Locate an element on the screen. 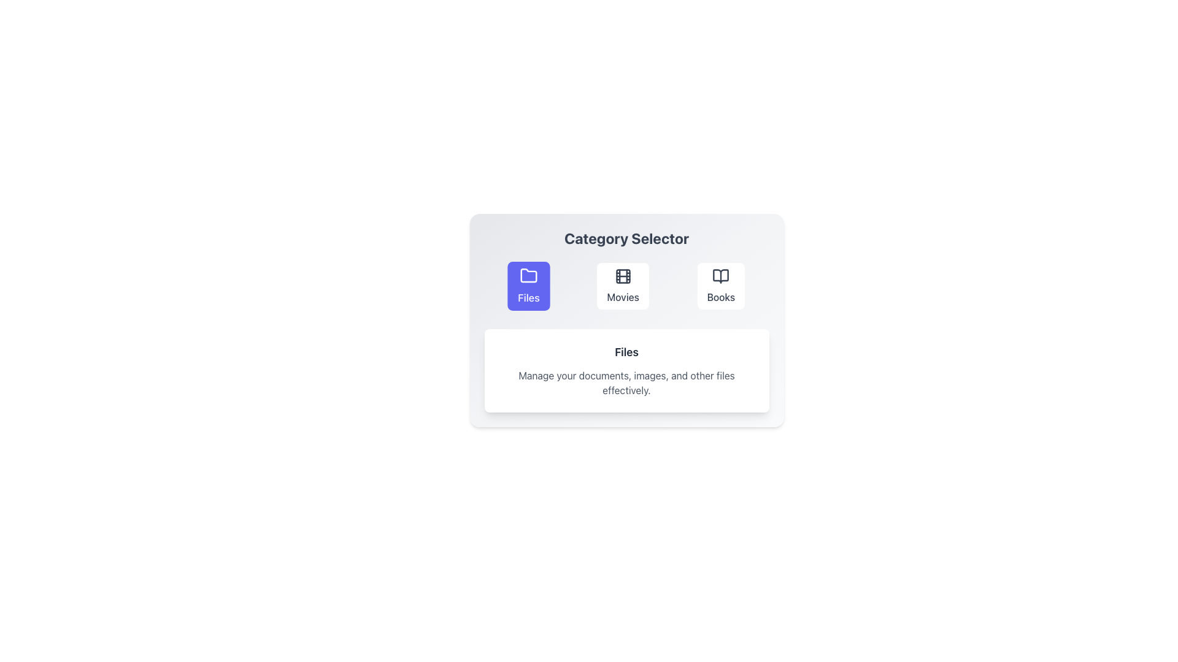 Image resolution: width=1178 pixels, height=662 pixels. the 'Books' category button in the Category Selector section to change its background color is located at coordinates (721, 286).